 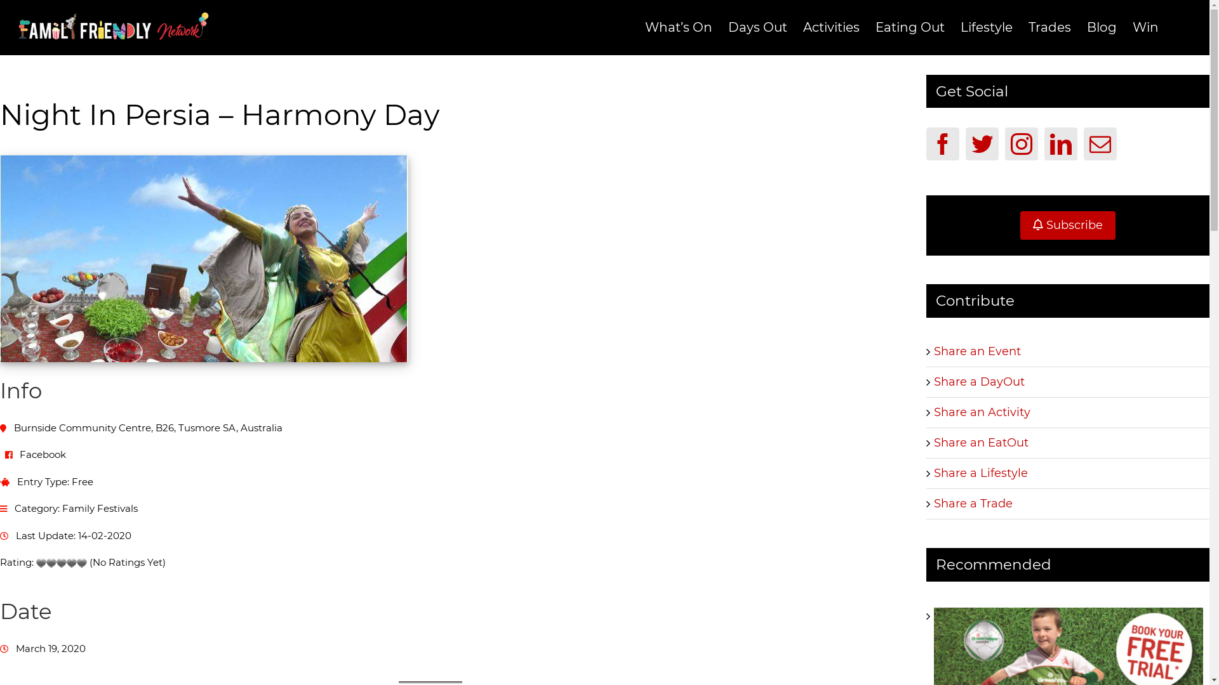 What do you see at coordinates (976, 351) in the screenshot?
I see `'Share an Event'` at bounding box center [976, 351].